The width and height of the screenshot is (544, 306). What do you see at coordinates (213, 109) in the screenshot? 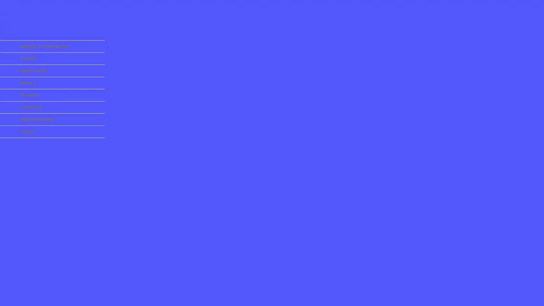
I see `U+00D7` at bounding box center [213, 109].